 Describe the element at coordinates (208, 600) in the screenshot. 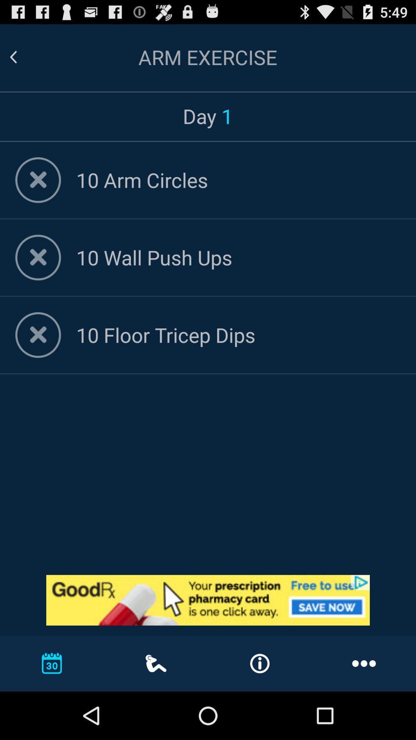

I see `important to know` at that location.